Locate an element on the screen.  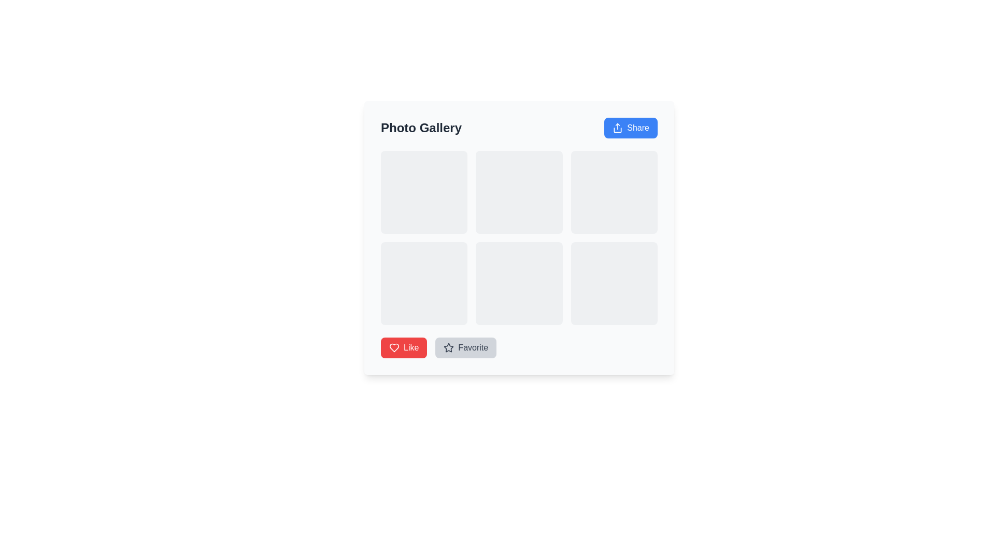
the second placeholder loading block in the first row of the 3x2 grid layout, which is located below the 'Photo Gallery' title and to the left of the 'Share' button is located at coordinates (519, 192).